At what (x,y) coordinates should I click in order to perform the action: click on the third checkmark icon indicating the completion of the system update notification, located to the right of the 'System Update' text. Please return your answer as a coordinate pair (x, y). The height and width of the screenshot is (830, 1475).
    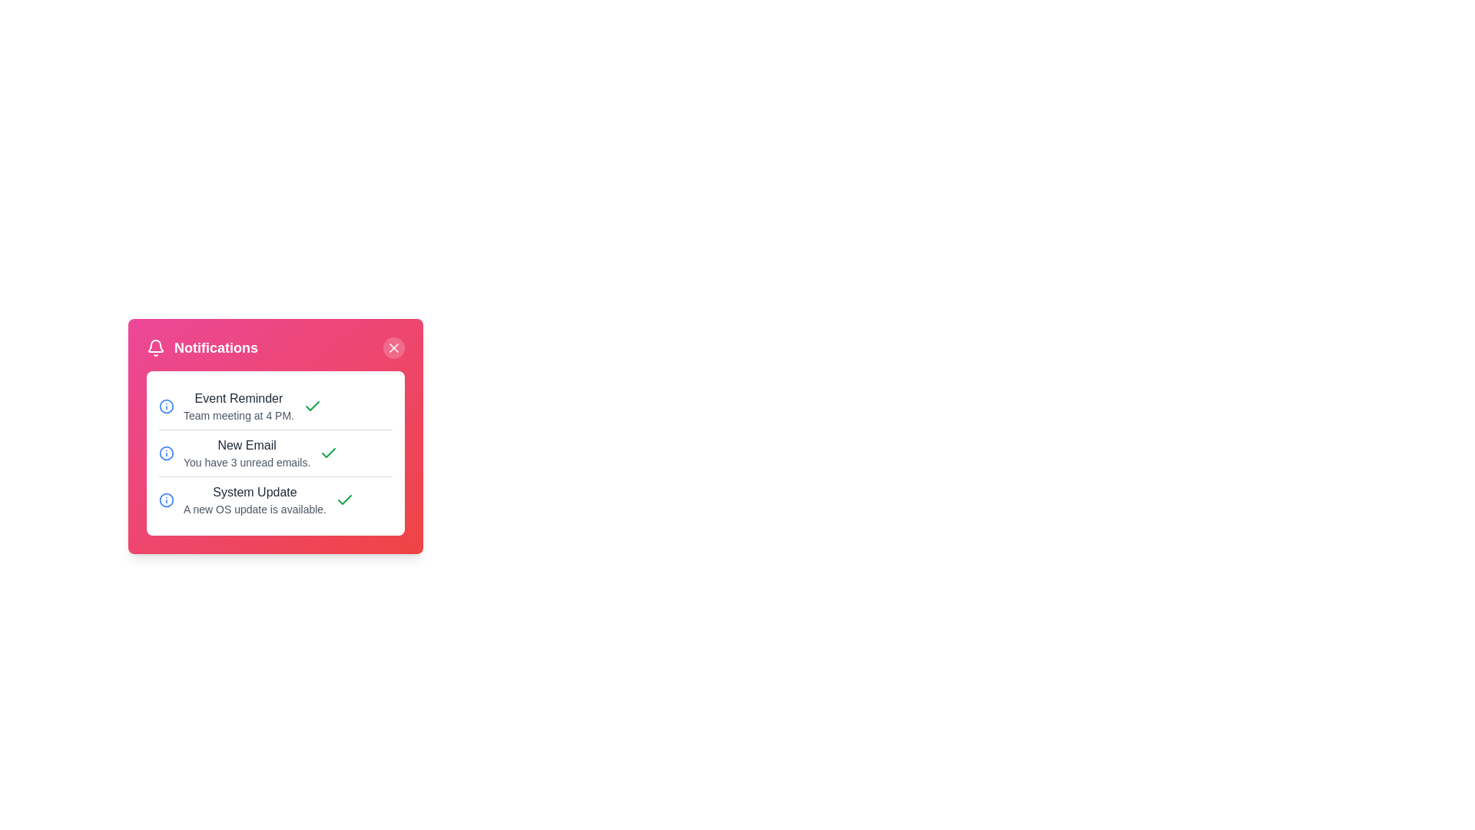
    Looking at the image, I should click on (312, 405).